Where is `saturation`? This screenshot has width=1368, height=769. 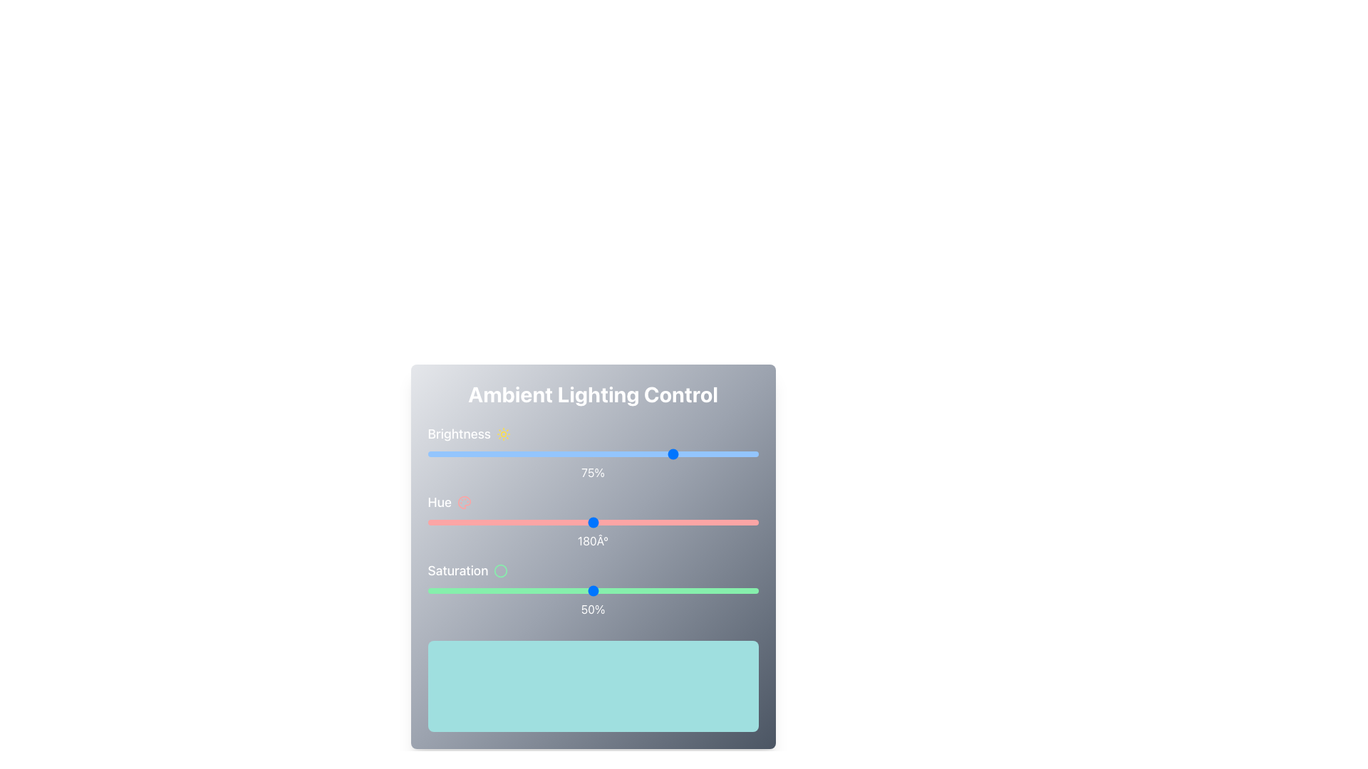
saturation is located at coordinates (628, 590).